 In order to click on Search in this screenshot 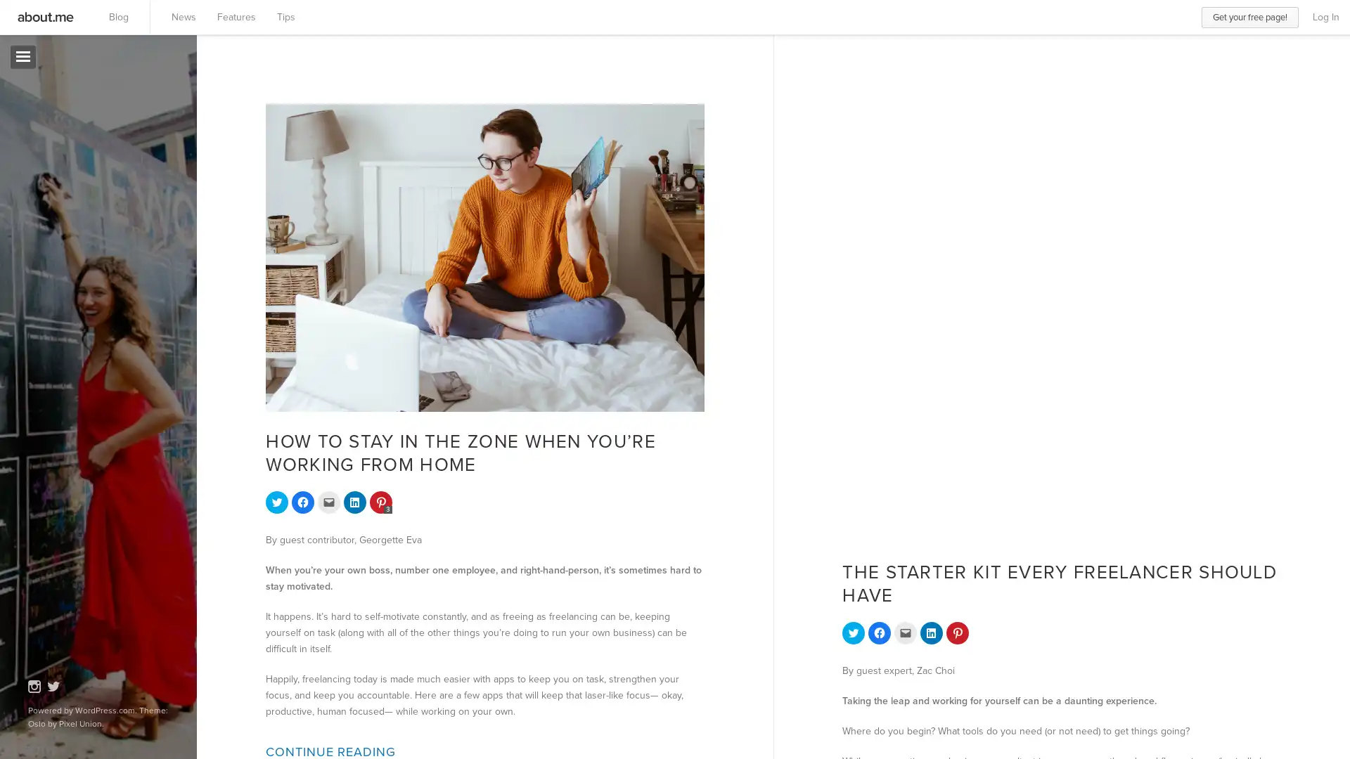, I will do `click(146, 98)`.